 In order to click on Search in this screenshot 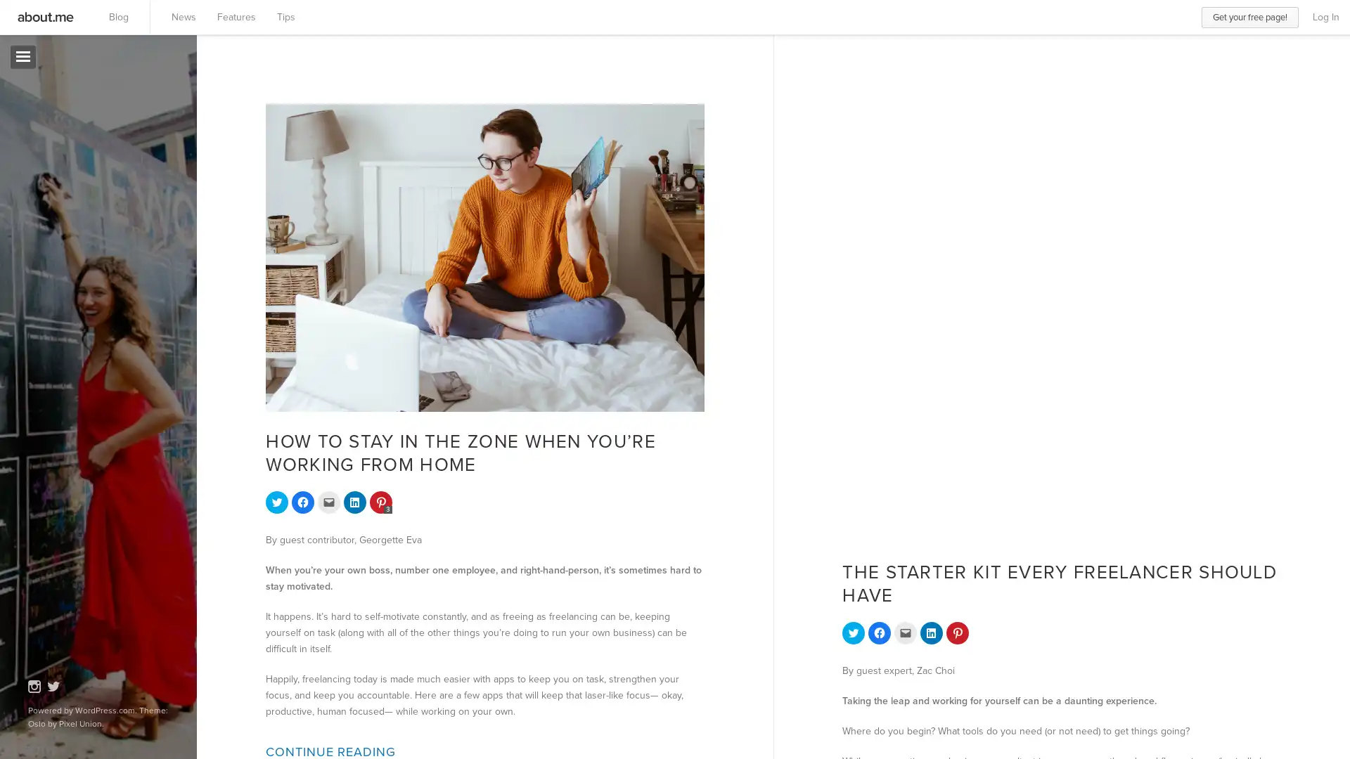, I will do `click(146, 98)`.